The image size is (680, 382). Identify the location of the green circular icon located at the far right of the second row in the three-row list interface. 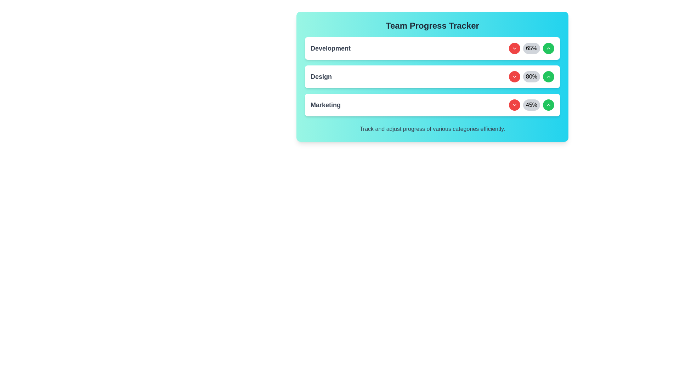
(548, 76).